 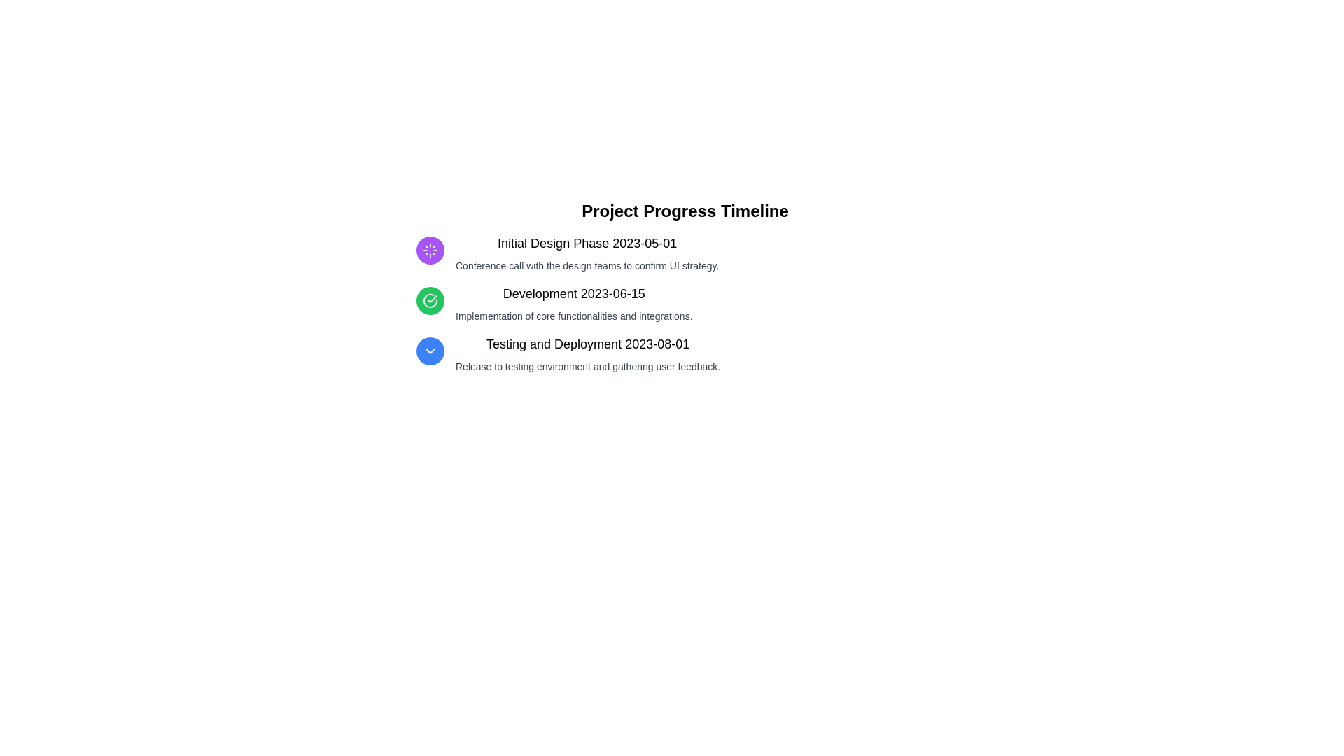 What do you see at coordinates (429, 250) in the screenshot?
I see `the circular icon with a purple background and a white spinning loader graphic, located at the topmost position in the left-aligned icon list for the 'Initial Design Phase 2023-05-01'` at bounding box center [429, 250].